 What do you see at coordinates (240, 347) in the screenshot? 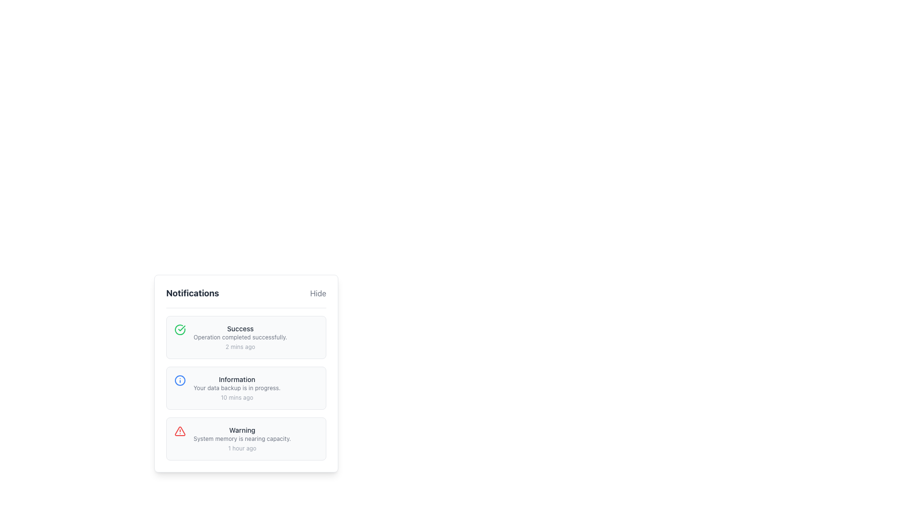
I see `timestamp text located at the bottom of the notification card, which provides temporal context for the notification` at bounding box center [240, 347].